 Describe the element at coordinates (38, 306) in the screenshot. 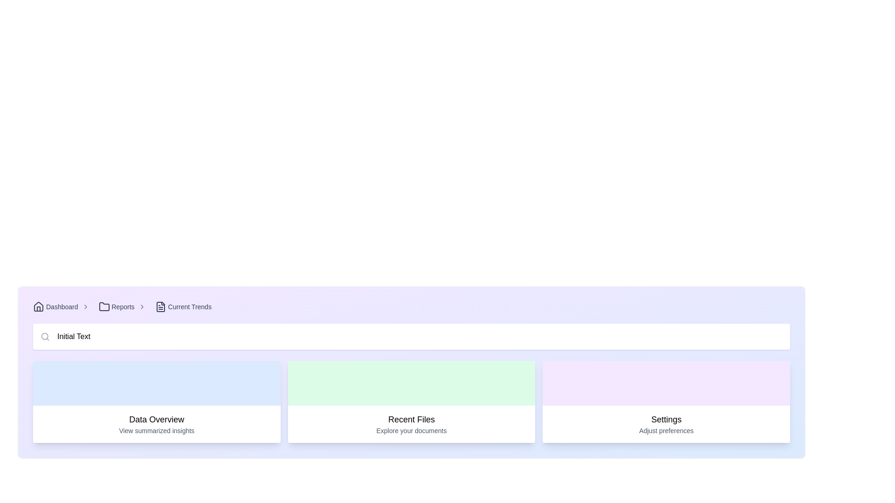

I see `the 'Home' icon located in the top left corner of the navigation bar` at that location.